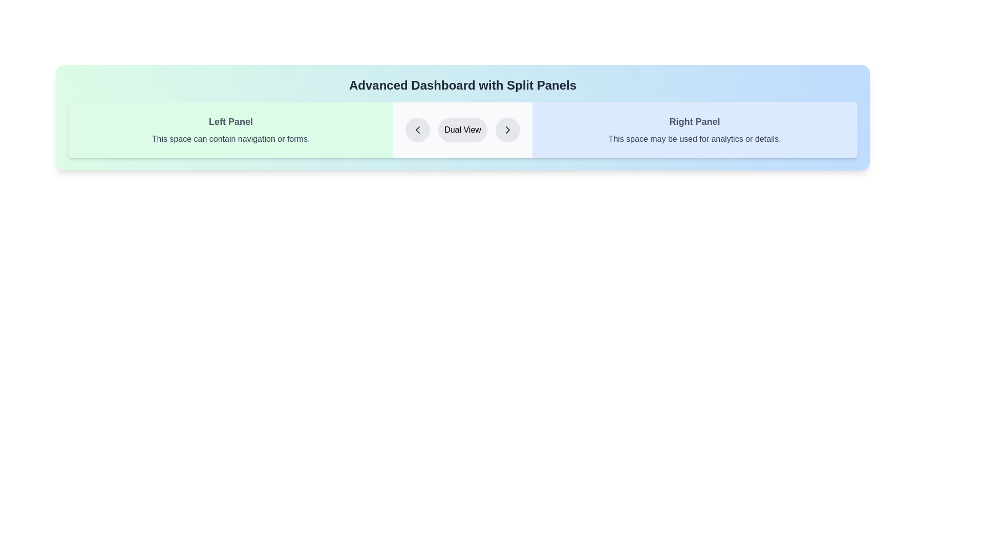  Describe the element at coordinates (462, 130) in the screenshot. I see `the 'Dual View' button, which is a rounded rectangular button with a light gray background and black text, to observe its hover effect` at that location.